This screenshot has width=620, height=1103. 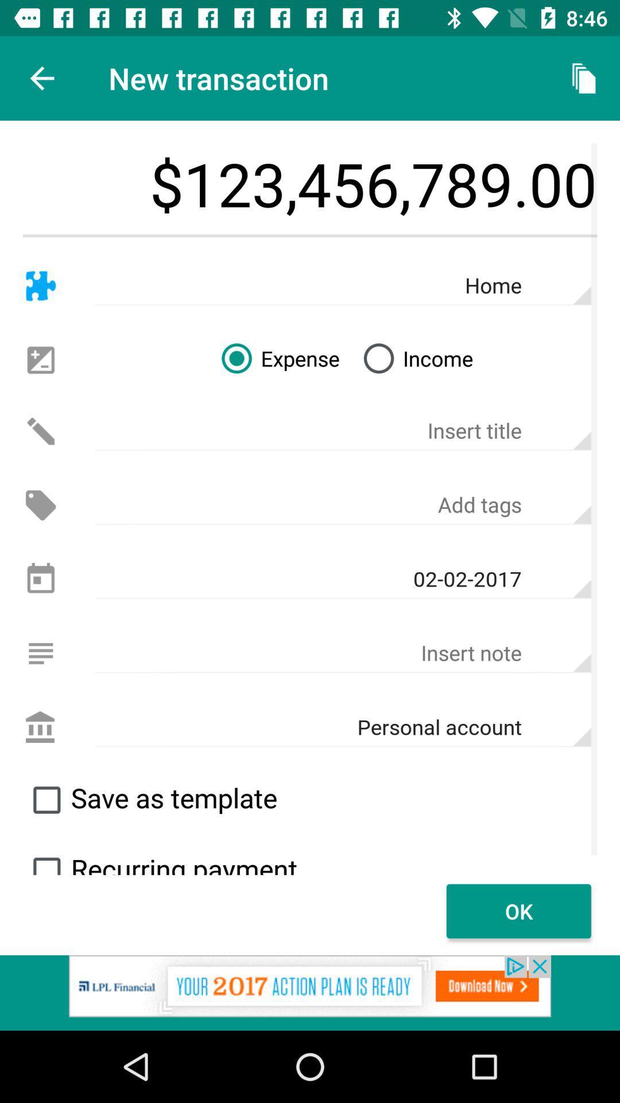 I want to click on toggle, so click(x=46, y=861).